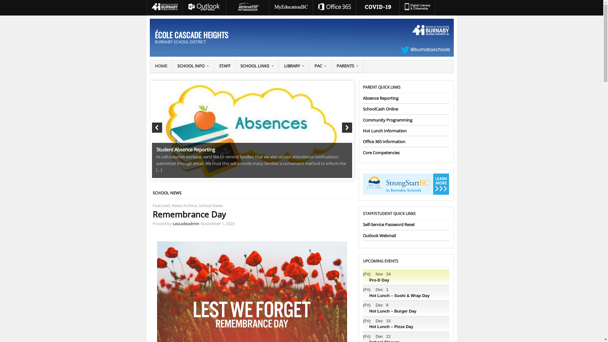 Image resolution: width=608 pixels, height=342 pixels. I want to click on 'Remembrance Day', so click(177, 141).